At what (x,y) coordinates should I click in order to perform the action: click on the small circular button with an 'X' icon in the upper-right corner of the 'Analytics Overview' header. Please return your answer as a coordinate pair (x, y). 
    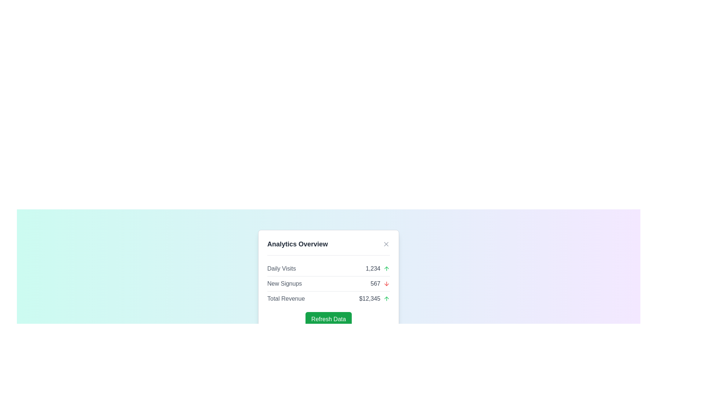
    Looking at the image, I should click on (386, 244).